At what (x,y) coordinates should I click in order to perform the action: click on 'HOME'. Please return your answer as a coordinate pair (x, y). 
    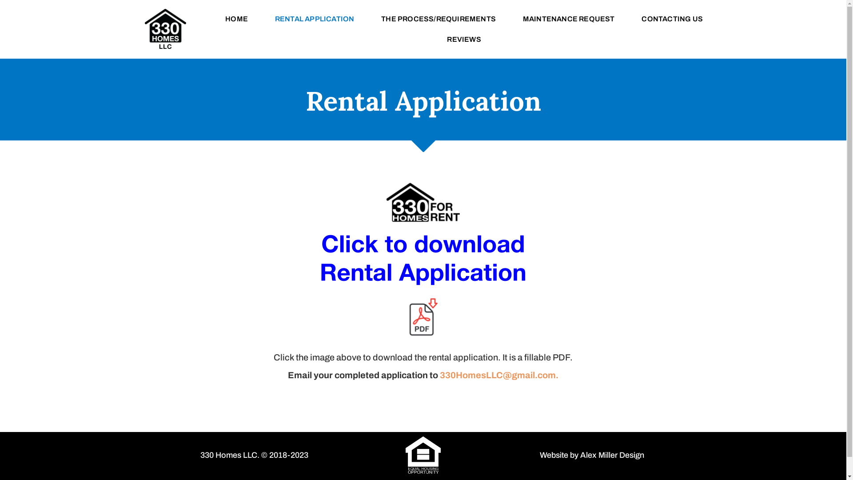
    Looking at the image, I should click on (211, 19).